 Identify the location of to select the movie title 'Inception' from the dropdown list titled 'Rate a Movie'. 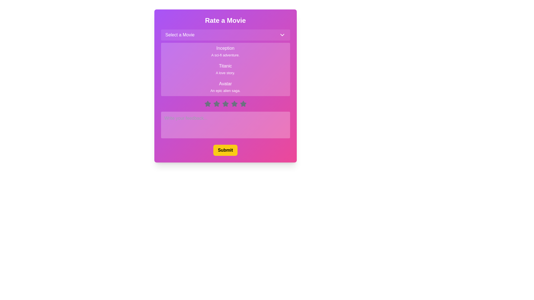
(225, 48).